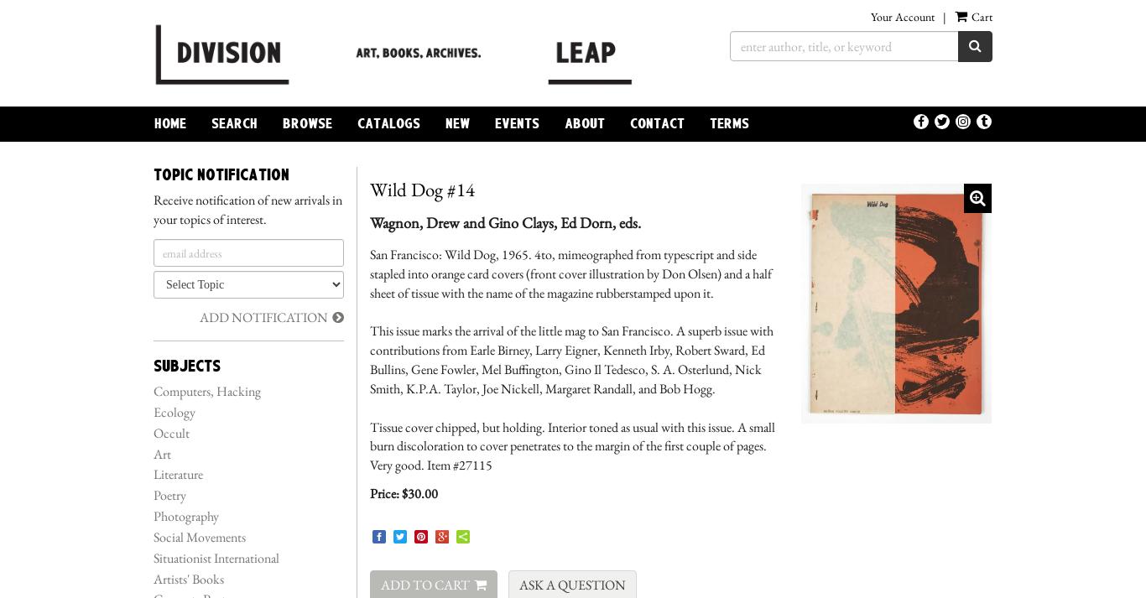 Image resolution: width=1146 pixels, height=598 pixels. What do you see at coordinates (406, 252) in the screenshot?
I see `'San Francisco:'` at bounding box center [406, 252].